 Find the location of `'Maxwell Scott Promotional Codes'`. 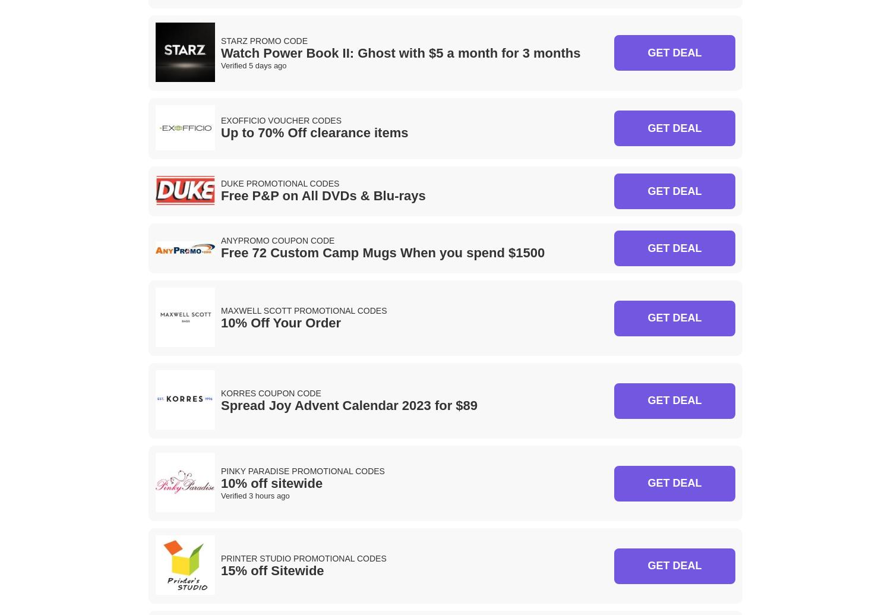

'Maxwell Scott Promotional Codes' is located at coordinates (304, 309).